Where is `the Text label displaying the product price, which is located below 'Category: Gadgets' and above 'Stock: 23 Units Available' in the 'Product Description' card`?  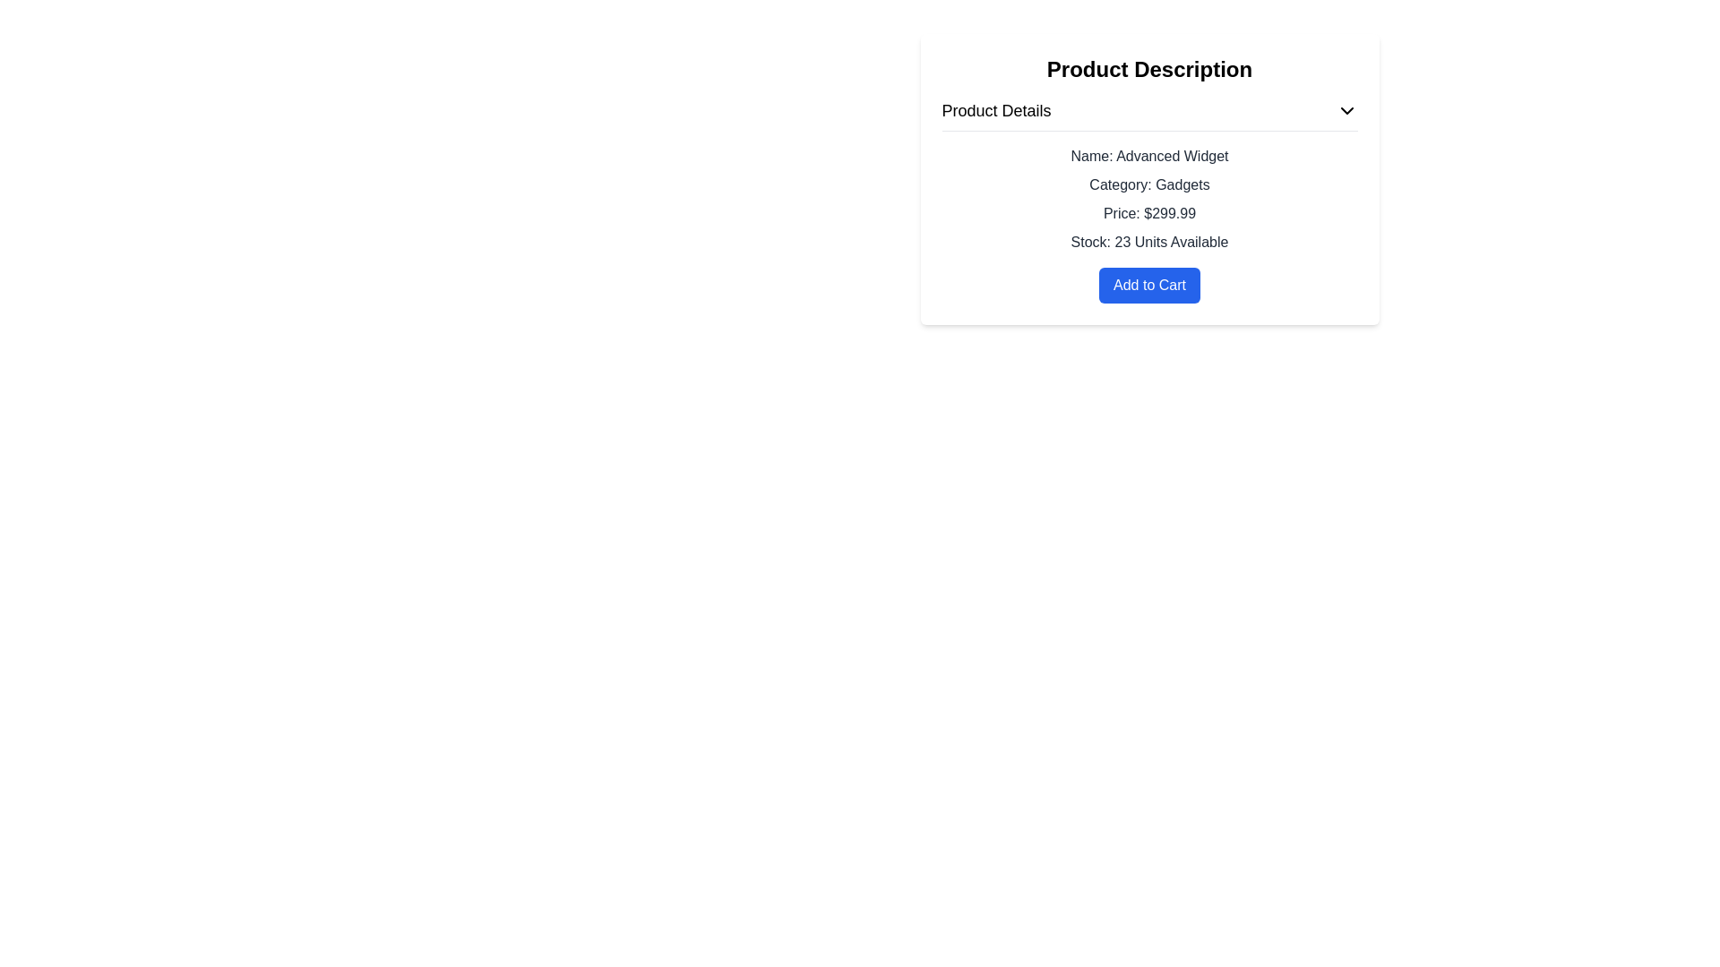 the Text label displaying the product price, which is located below 'Category: Gadgets' and above 'Stock: 23 Units Available' in the 'Product Description' card is located at coordinates (1149, 213).